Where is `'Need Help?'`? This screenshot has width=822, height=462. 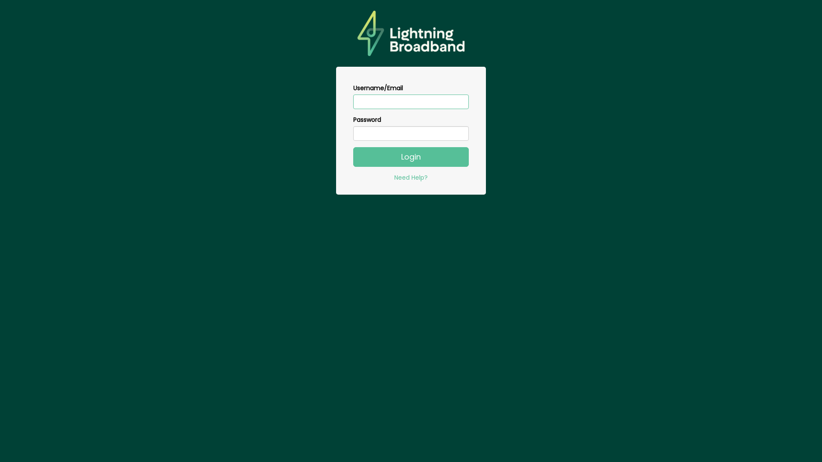 'Need Help?' is located at coordinates (411, 177).